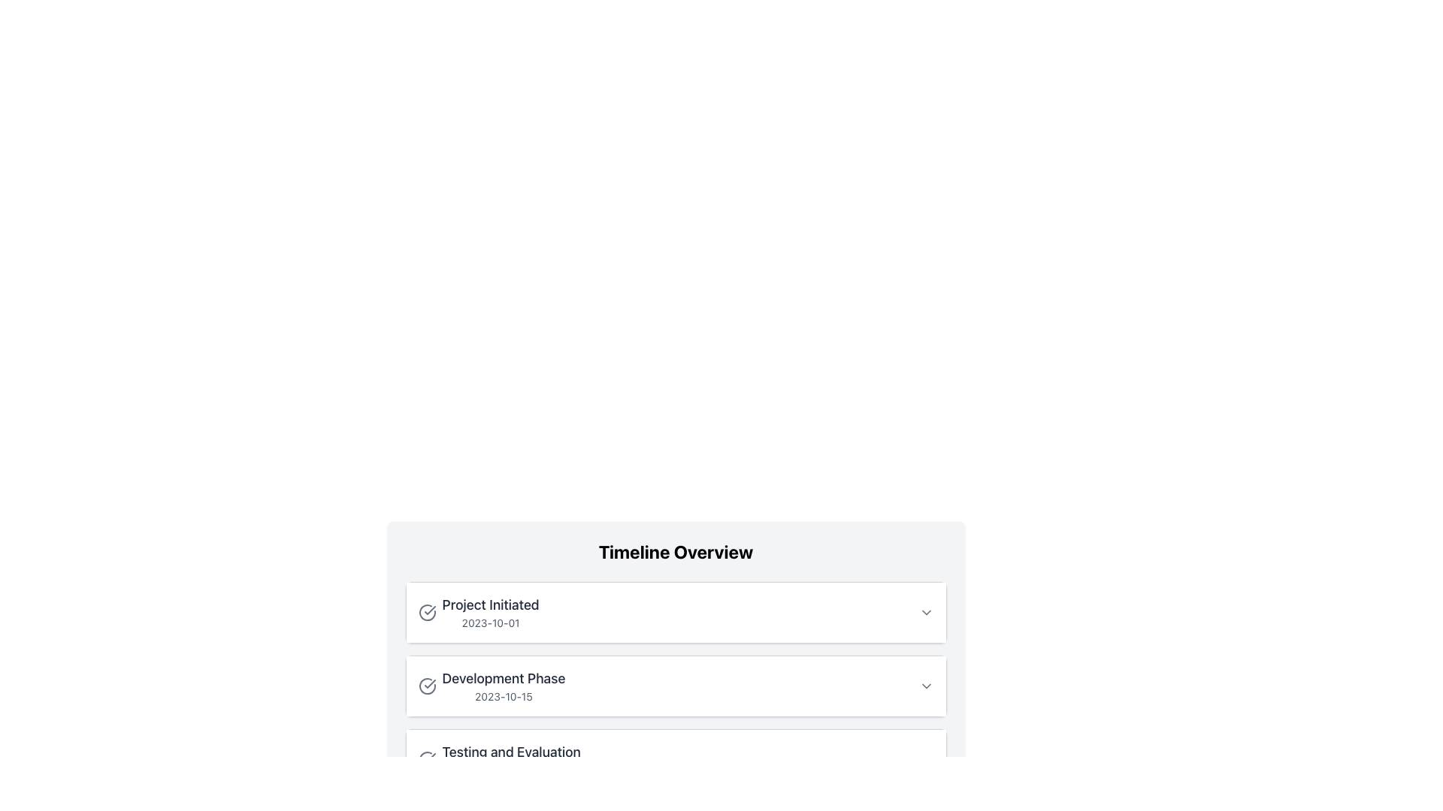 The image size is (1443, 811). Describe the element at coordinates (504, 686) in the screenshot. I see `the 'Development Phase' text field, which is the second item in the timeline overview and is located below 'Project Initiated'` at that location.